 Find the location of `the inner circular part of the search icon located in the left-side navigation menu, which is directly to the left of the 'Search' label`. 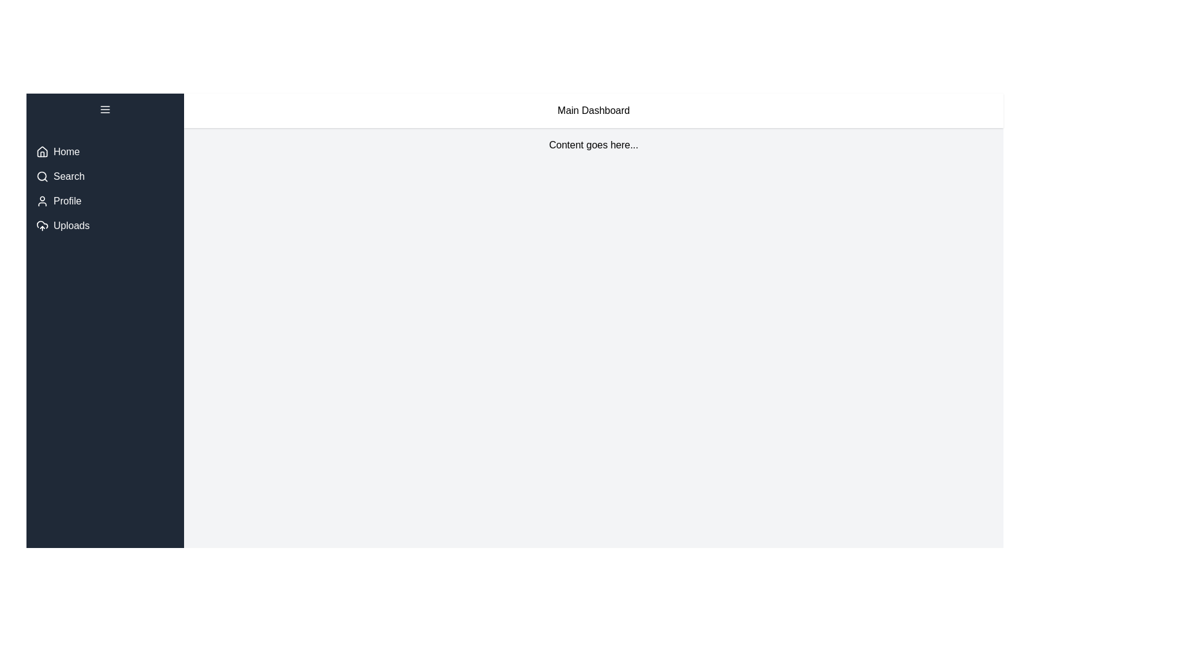

the inner circular part of the search icon located in the left-side navigation menu, which is directly to the left of the 'Search' label is located at coordinates (42, 176).